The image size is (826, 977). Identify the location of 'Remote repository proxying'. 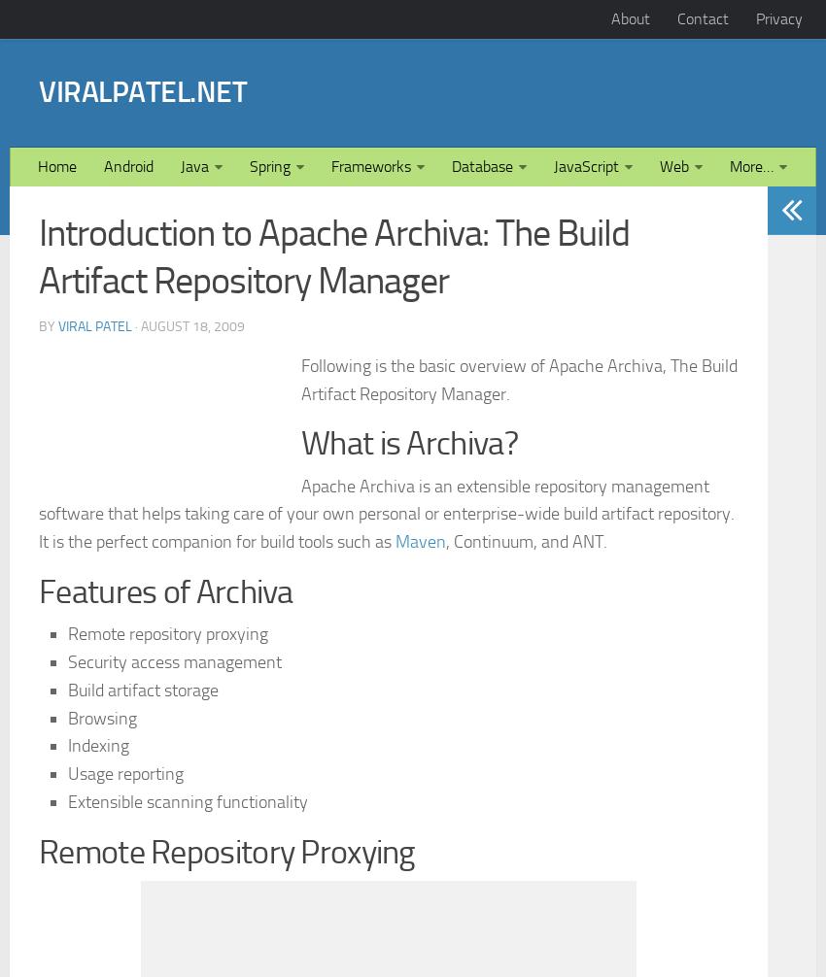
(166, 904).